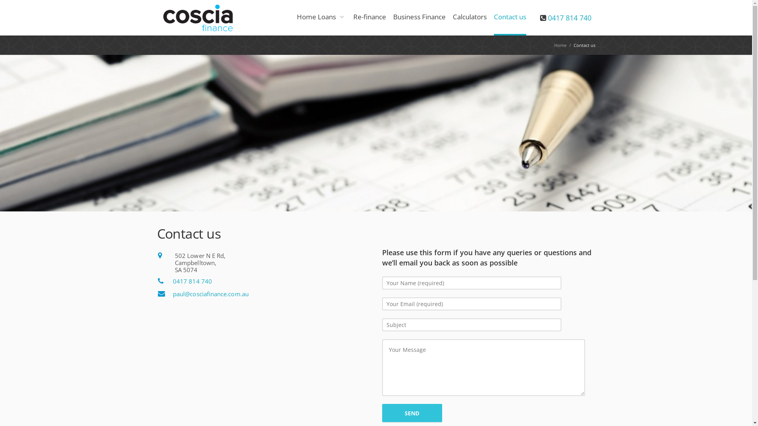 The image size is (758, 426). What do you see at coordinates (210, 293) in the screenshot?
I see `'paul@cosciafinance.com.au'` at bounding box center [210, 293].